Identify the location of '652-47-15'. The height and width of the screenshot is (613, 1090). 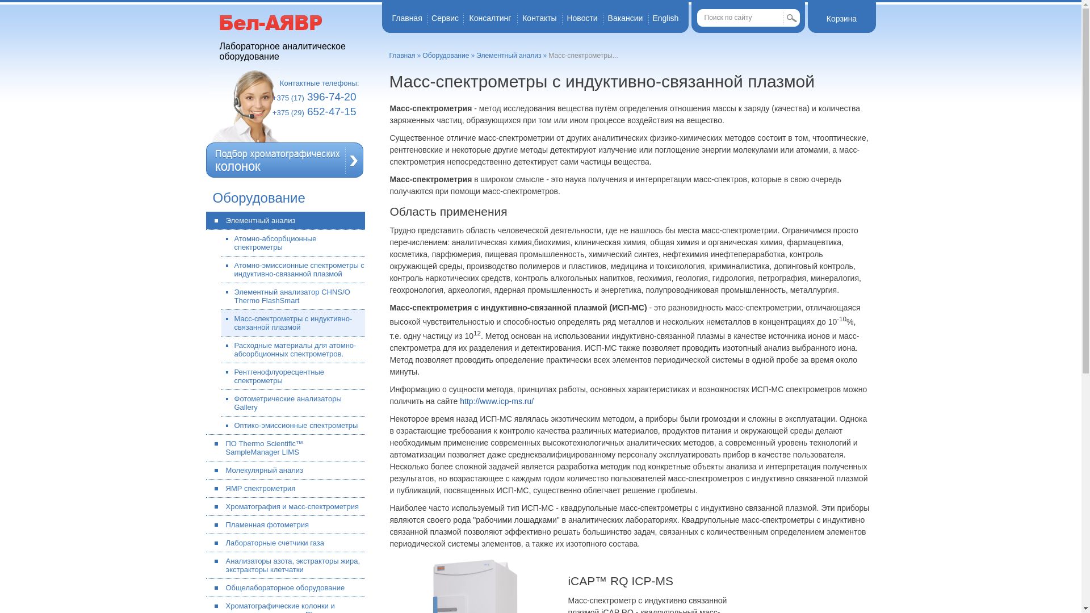
(307, 111).